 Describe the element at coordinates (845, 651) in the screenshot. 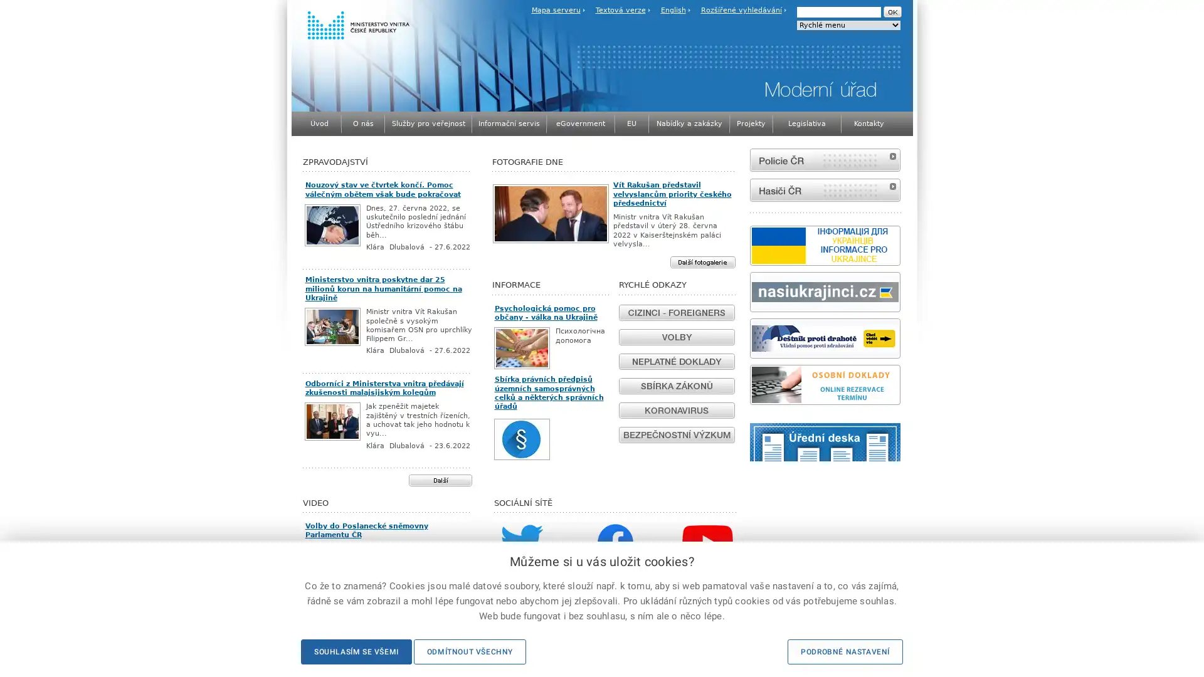

I see `PODROBNE NASTAVENI` at that location.